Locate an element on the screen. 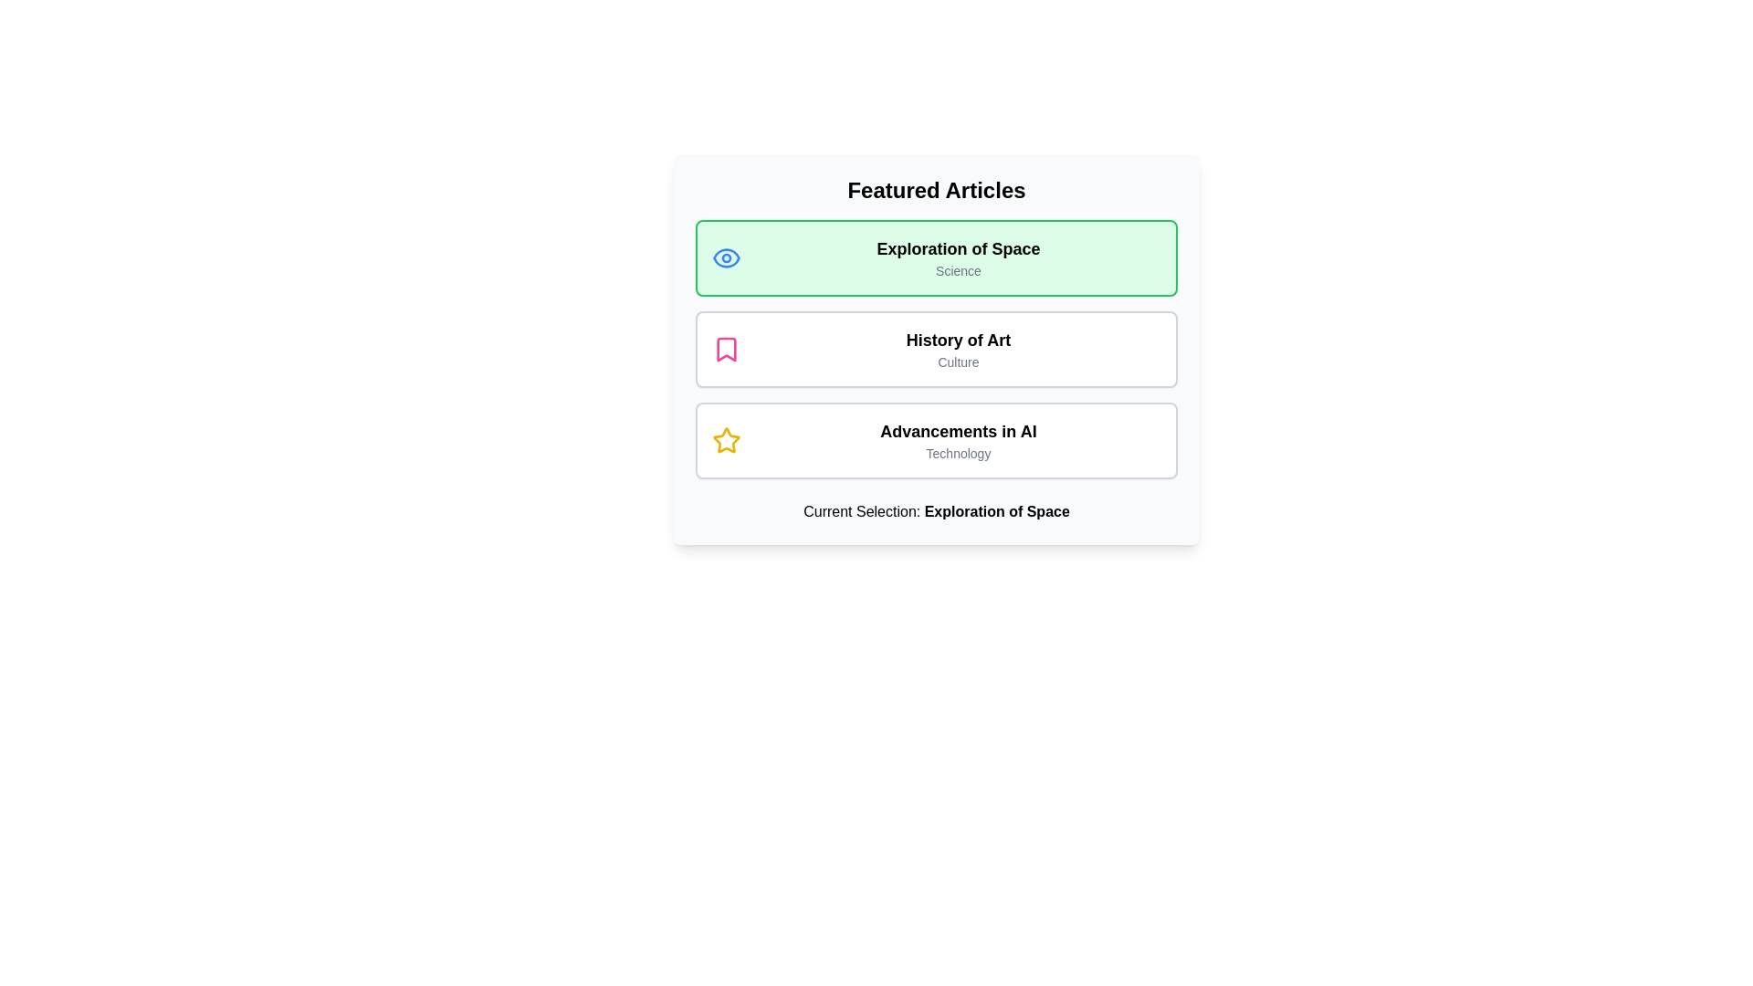 This screenshot has width=1753, height=986. the article Advancements in AI by clicking on its button is located at coordinates (937, 440).